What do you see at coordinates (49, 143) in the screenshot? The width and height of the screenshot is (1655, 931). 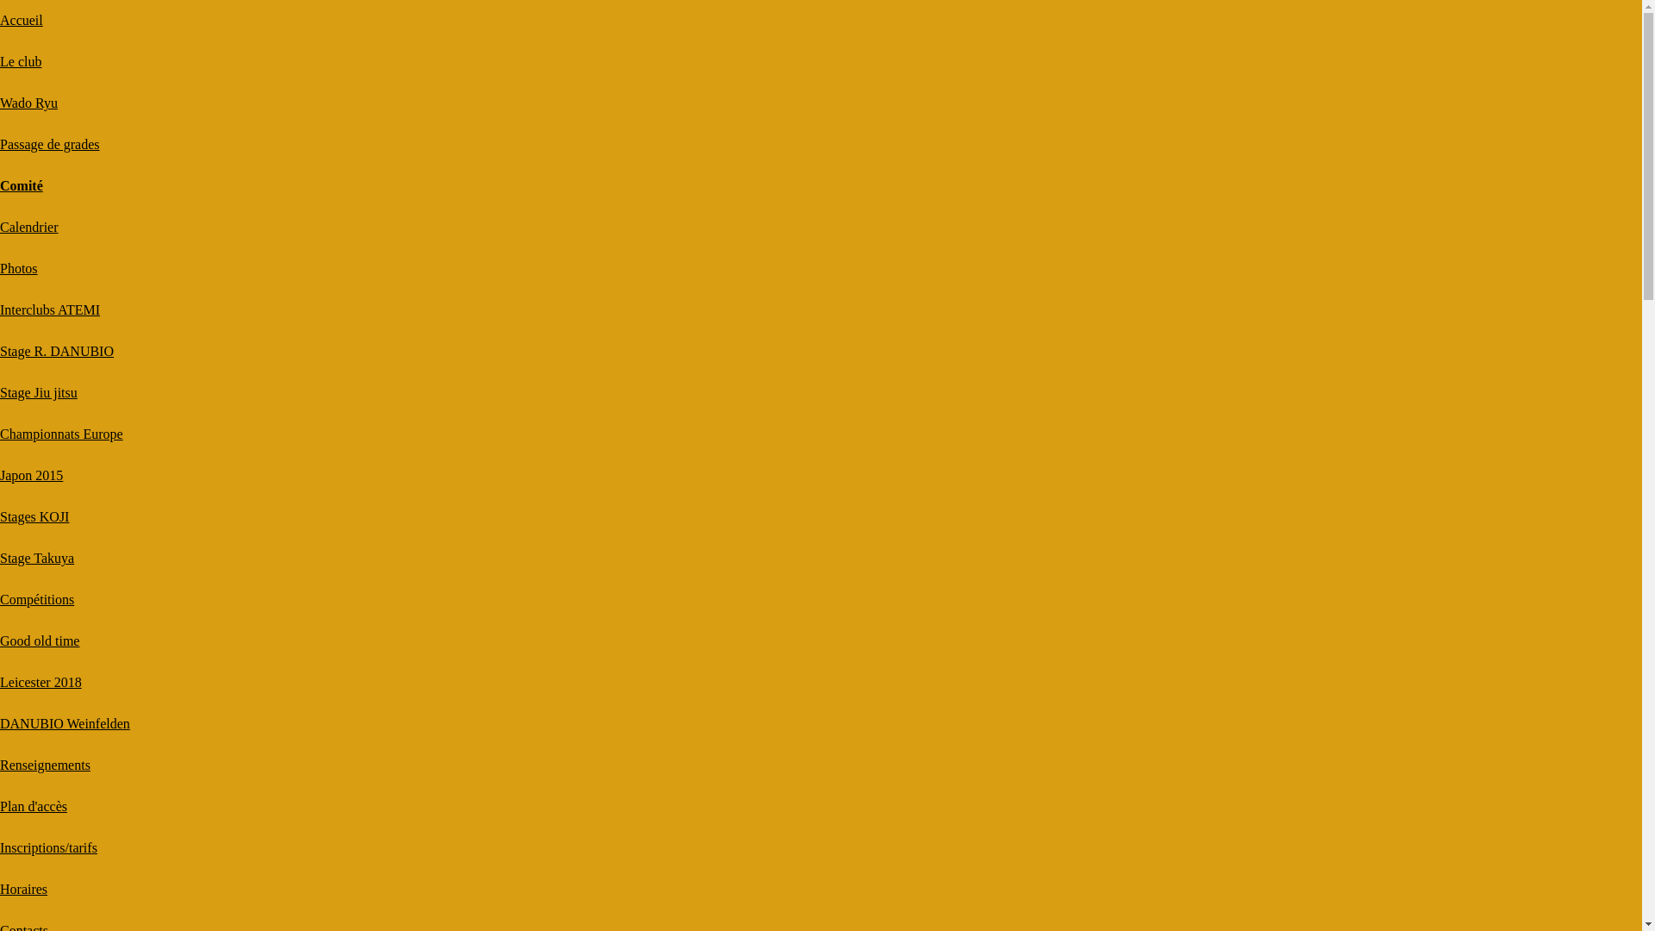 I see `'Passage de grades'` at bounding box center [49, 143].